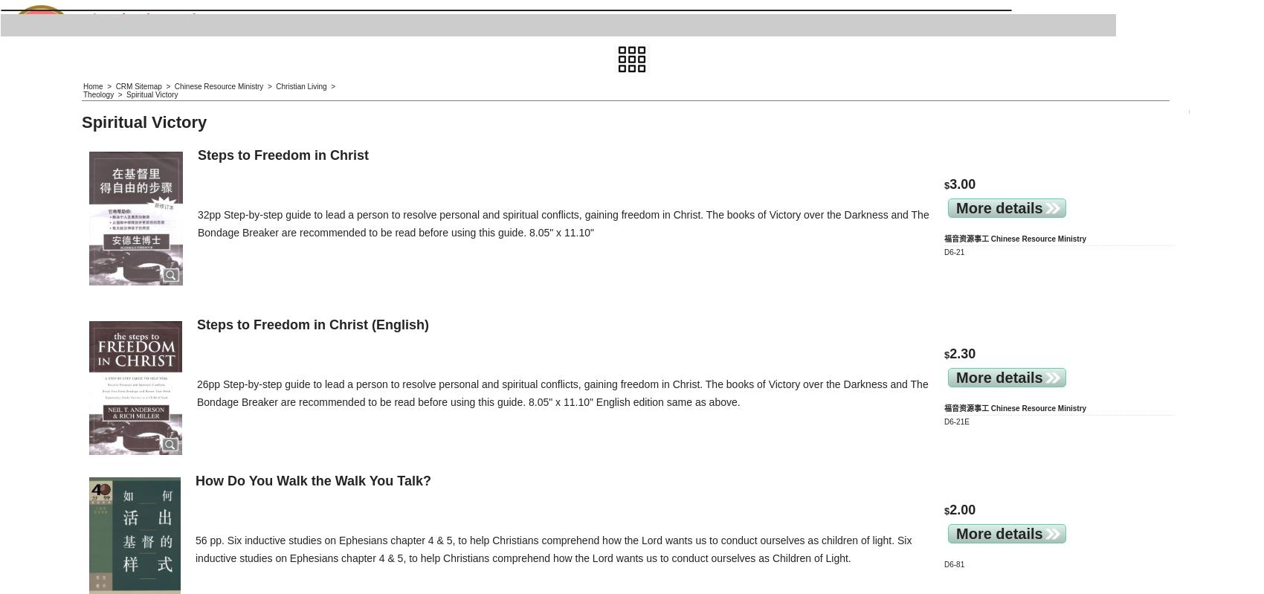  Describe the element at coordinates (962, 510) in the screenshot. I see `'2.00'` at that location.